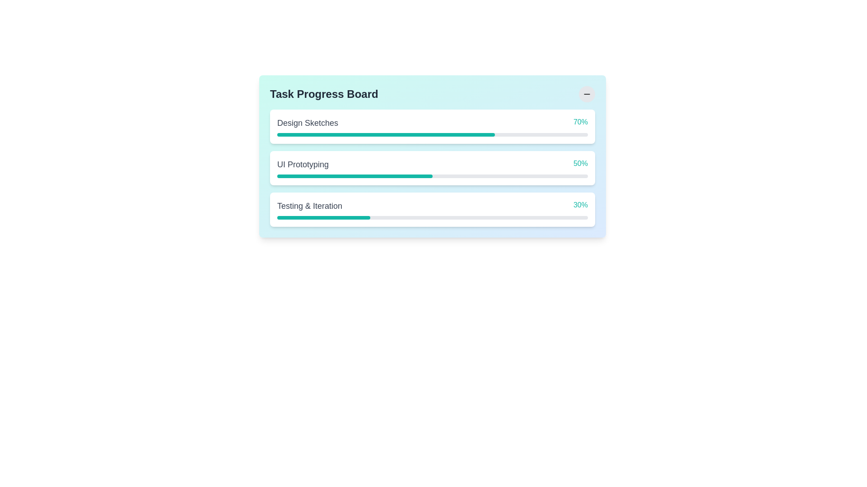 Image resolution: width=867 pixels, height=487 pixels. What do you see at coordinates (432, 168) in the screenshot?
I see `the Progress Tracker element displaying 'UI Prototyping' with a percentage of '50%' and a teal progress bar` at bounding box center [432, 168].